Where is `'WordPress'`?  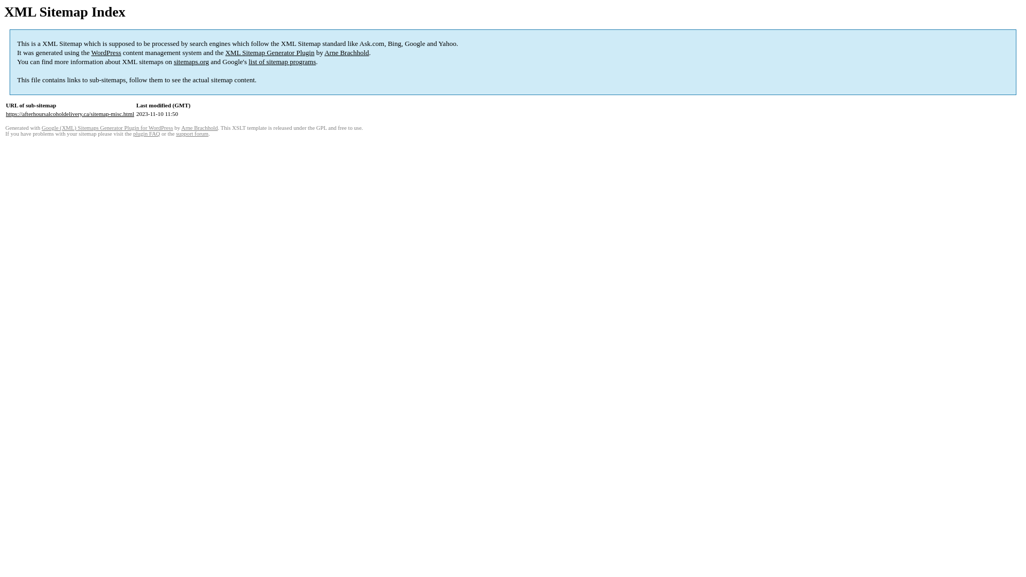
'WordPress' is located at coordinates (106, 52).